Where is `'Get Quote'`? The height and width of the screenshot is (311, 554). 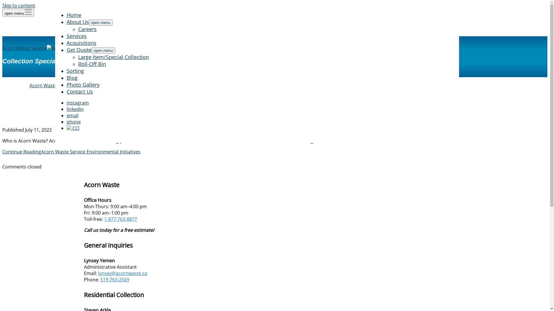
'Get Quote' is located at coordinates (66, 50).